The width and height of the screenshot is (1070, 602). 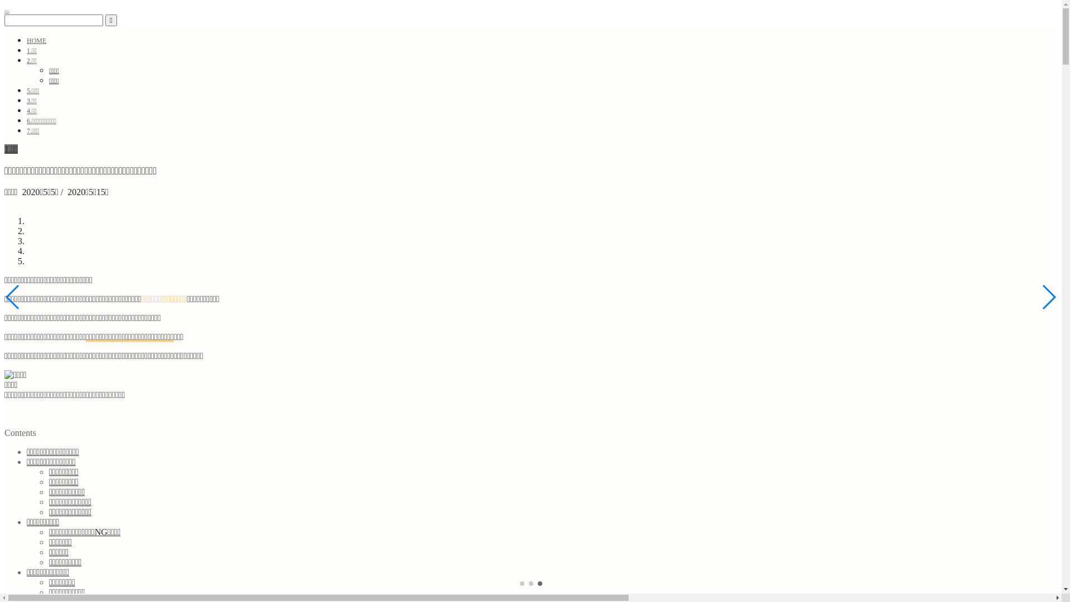 I want to click on 'HOME', so click(x=36, y=40).